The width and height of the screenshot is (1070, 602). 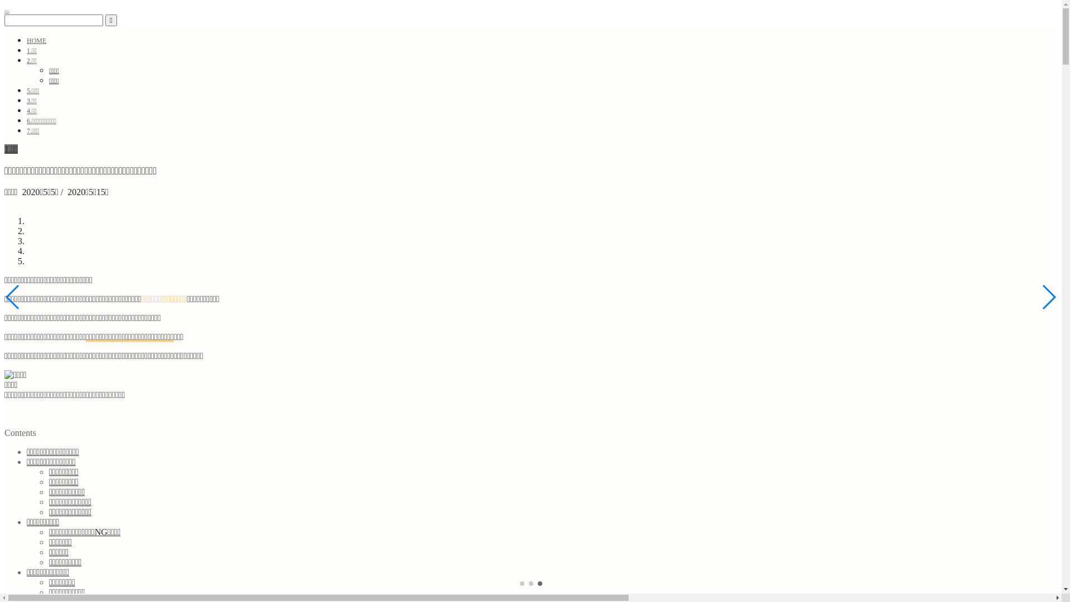 I want to click on 'HOME', so click(x=36, y=40).